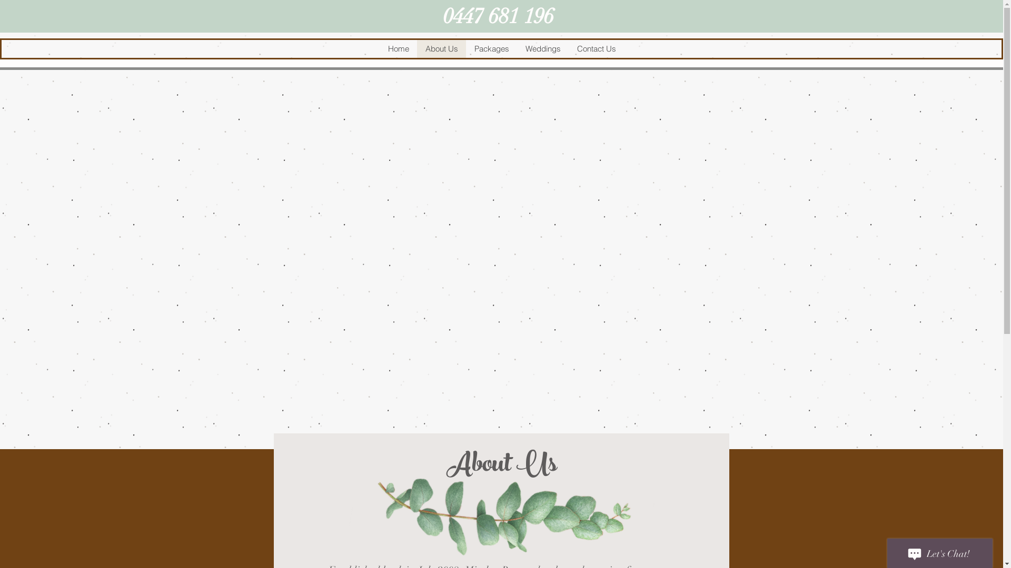 This screenshot has width=1011, height=568. Describe the element at coordinates (517, 48) in the screenshot. I see `'Weddings'` at that location.